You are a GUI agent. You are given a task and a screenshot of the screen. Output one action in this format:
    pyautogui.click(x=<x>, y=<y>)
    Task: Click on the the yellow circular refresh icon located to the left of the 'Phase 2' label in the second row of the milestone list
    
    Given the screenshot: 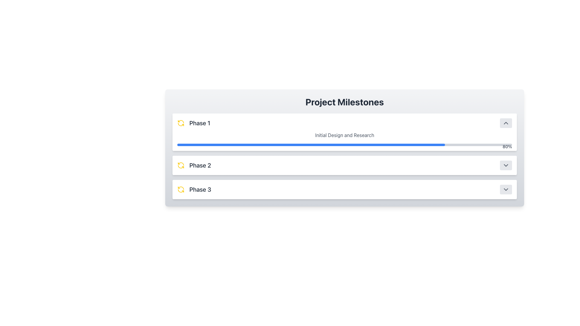 What is the action you would take?
    pyautogui.click(x=181, y=165)
    